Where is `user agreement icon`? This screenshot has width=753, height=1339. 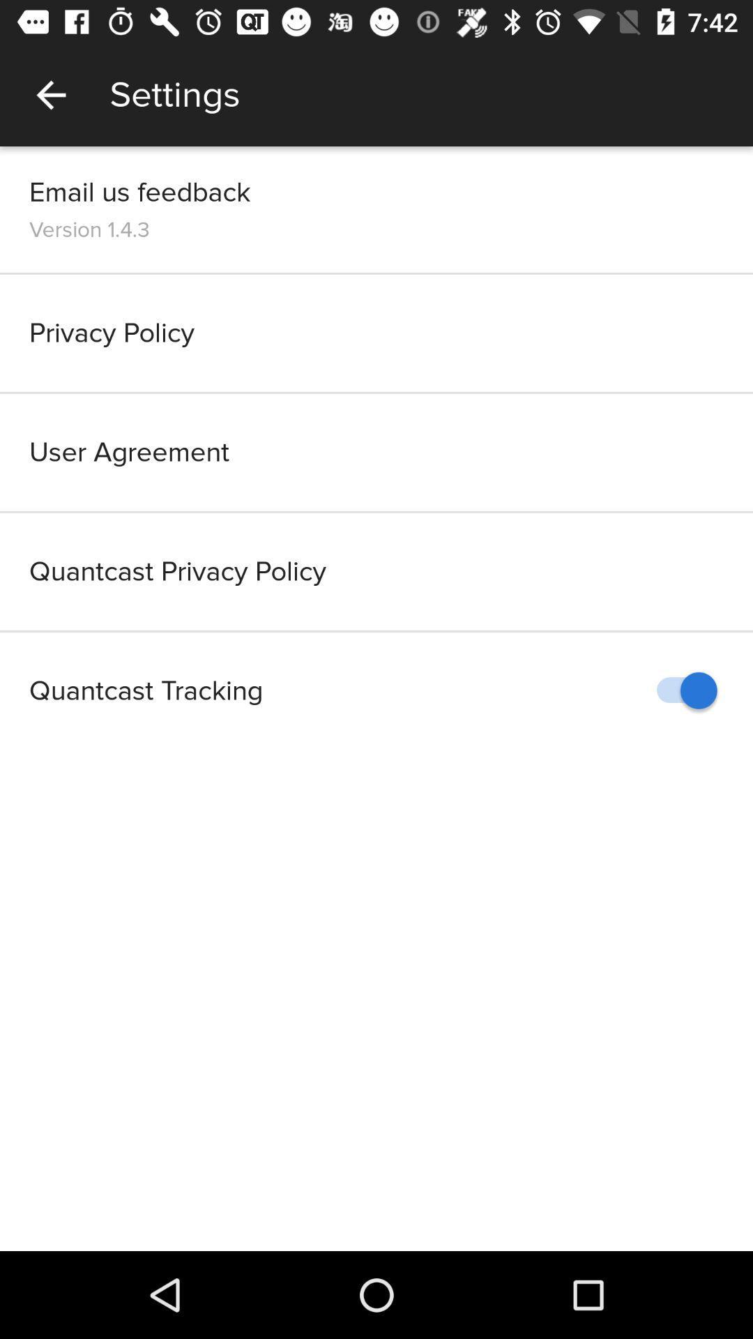
user agreement icon is located at coordinates (376, 452).